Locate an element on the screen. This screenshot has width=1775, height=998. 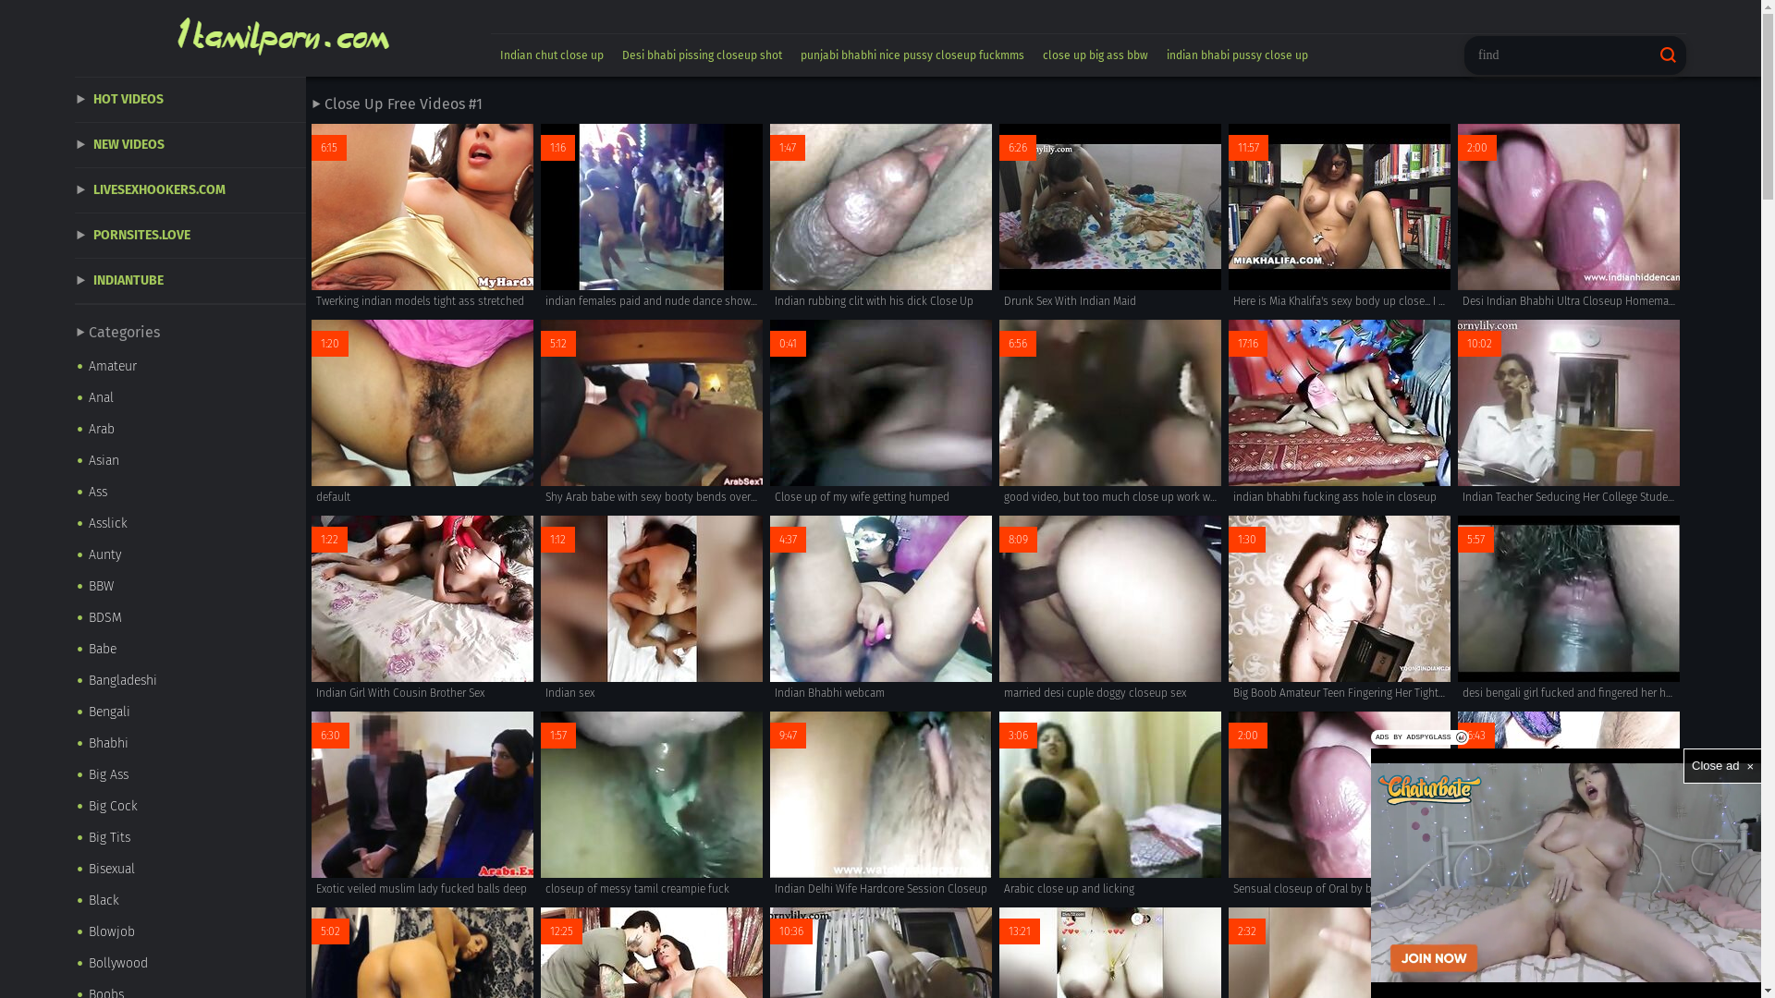
'10:02 is located at coordinates (1568, 412).